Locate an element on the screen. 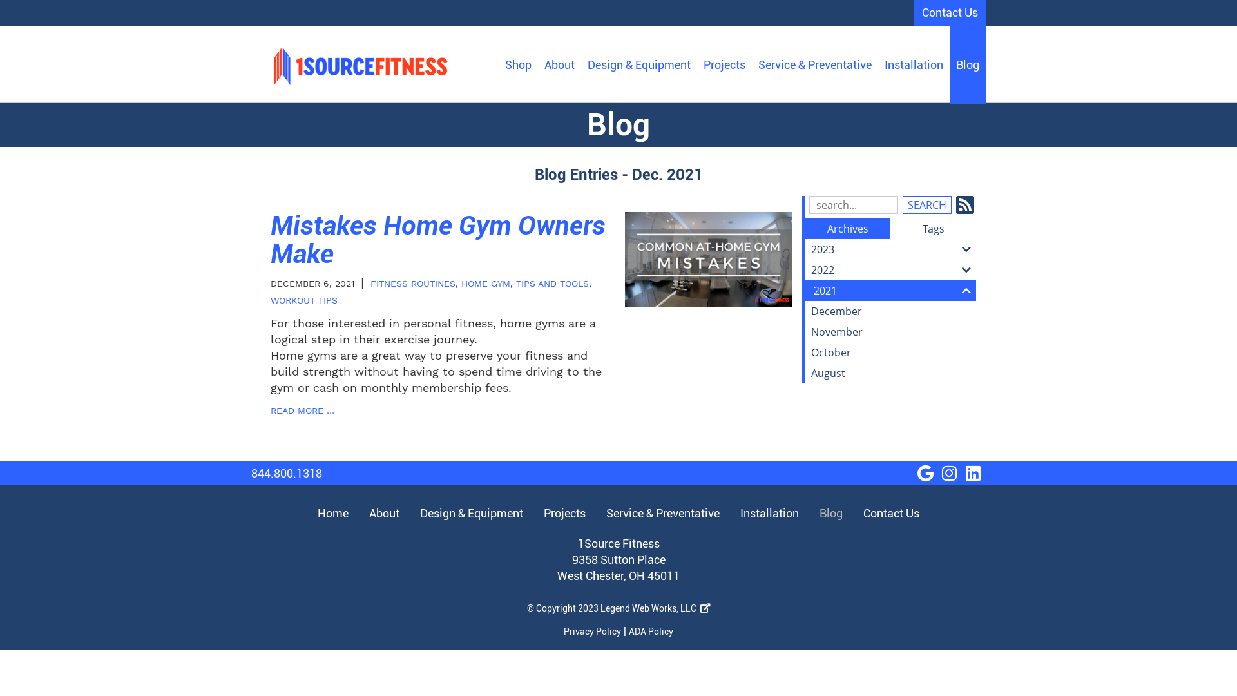 This screenshot has width=1237, height=696. 'Installation' is located at coordinates (913, 64).